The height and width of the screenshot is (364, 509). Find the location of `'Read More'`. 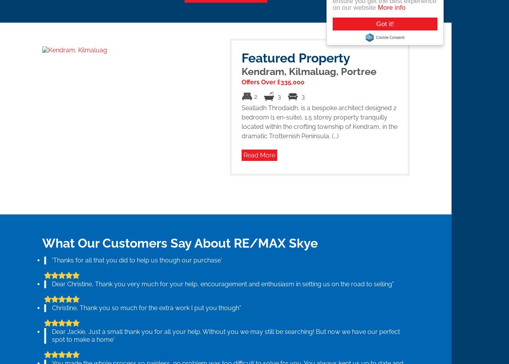

'Read More' is located at coordinates (258, 154).